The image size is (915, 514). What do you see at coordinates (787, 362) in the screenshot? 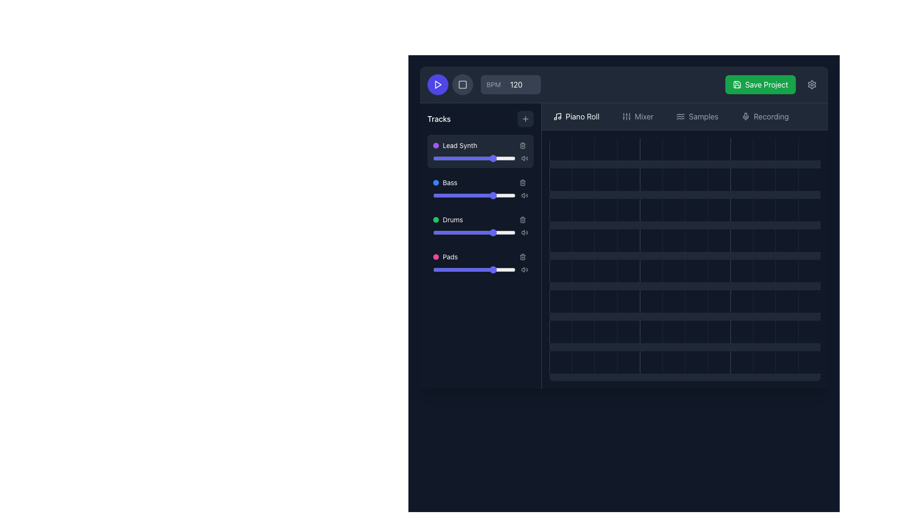
I see `the 12th interactive square tile in the last row of the grid layout` at bounding box center [787, 362].